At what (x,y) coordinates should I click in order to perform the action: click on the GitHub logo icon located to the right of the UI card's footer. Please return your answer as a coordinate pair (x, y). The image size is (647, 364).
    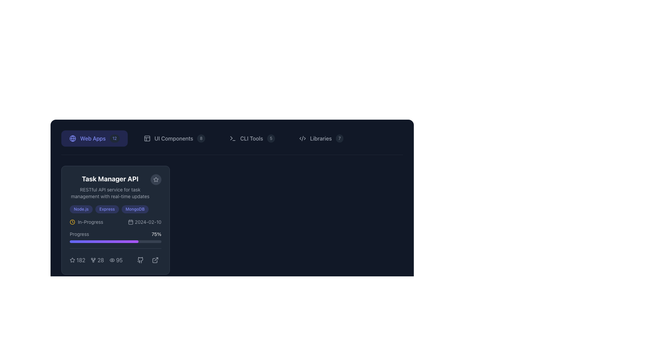
    Looking at the image, I should click on (140, 260).